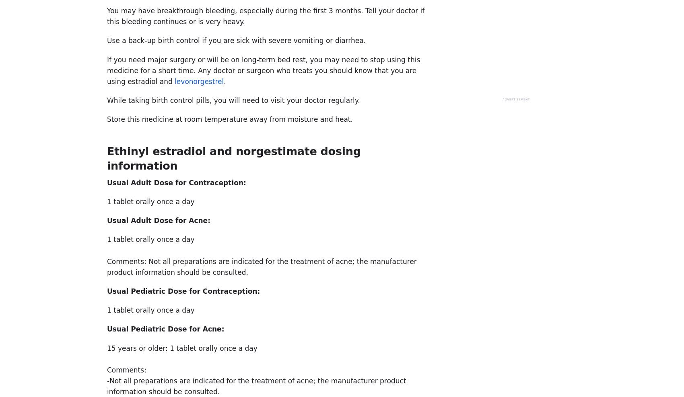 Image resolution: width=684 pixels, height=397 pixels. I want to click on '15 years or older: 1 tablet orally once a day', so click(107, 347).